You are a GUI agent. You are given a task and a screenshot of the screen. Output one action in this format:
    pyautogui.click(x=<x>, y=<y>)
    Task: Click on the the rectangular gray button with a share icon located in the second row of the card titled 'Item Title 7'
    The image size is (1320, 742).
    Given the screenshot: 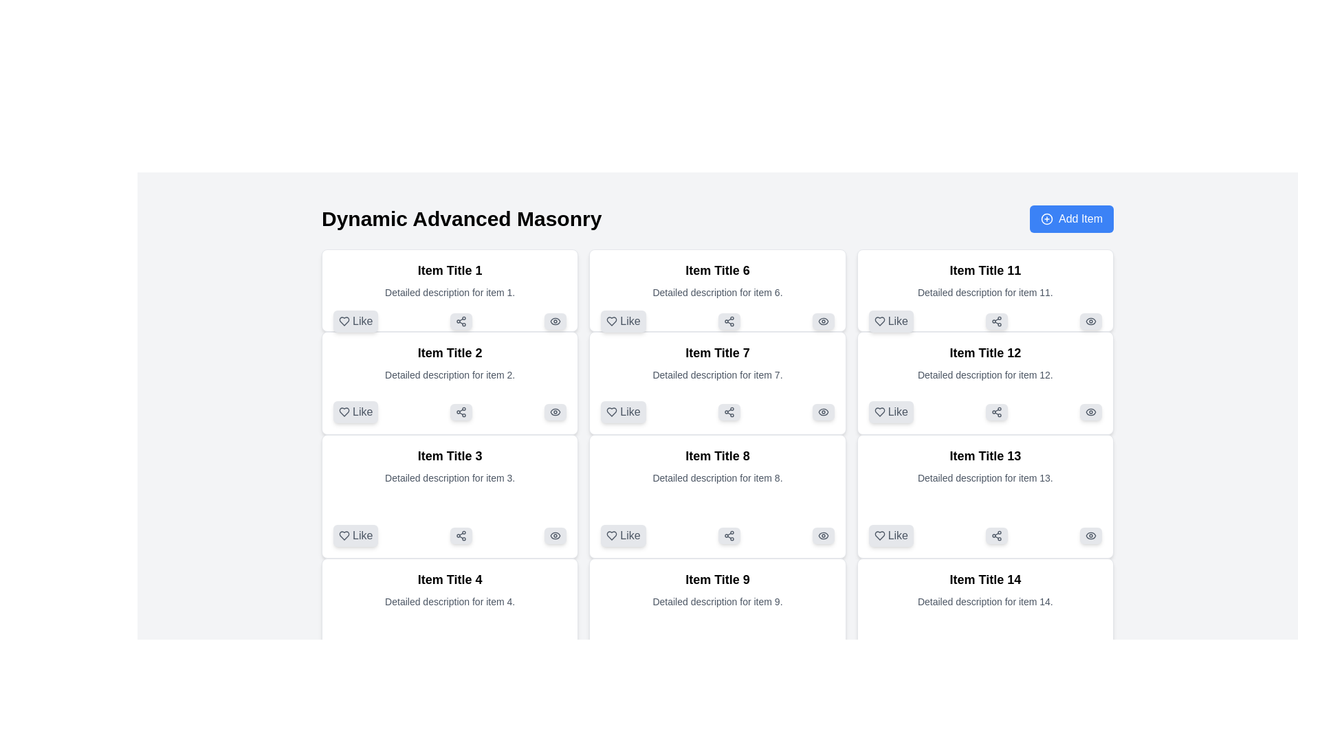 What is the action you would take?
    pyautogui.click(x=716, y=412)
    